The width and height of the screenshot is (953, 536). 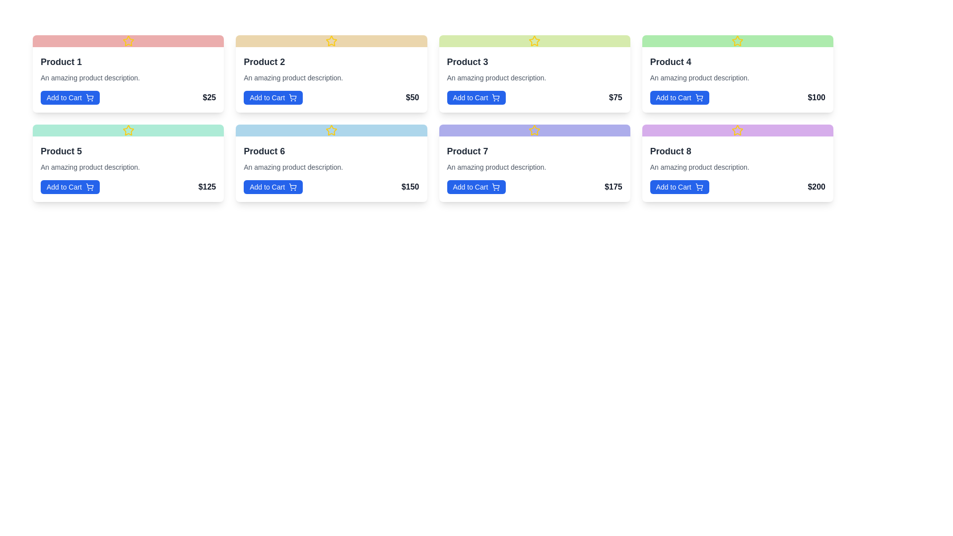 I want to click on the price label displaying '$25' in bold, located to the right of the 'Add to Cart' button within the first product card, so click(x=208, y=97).